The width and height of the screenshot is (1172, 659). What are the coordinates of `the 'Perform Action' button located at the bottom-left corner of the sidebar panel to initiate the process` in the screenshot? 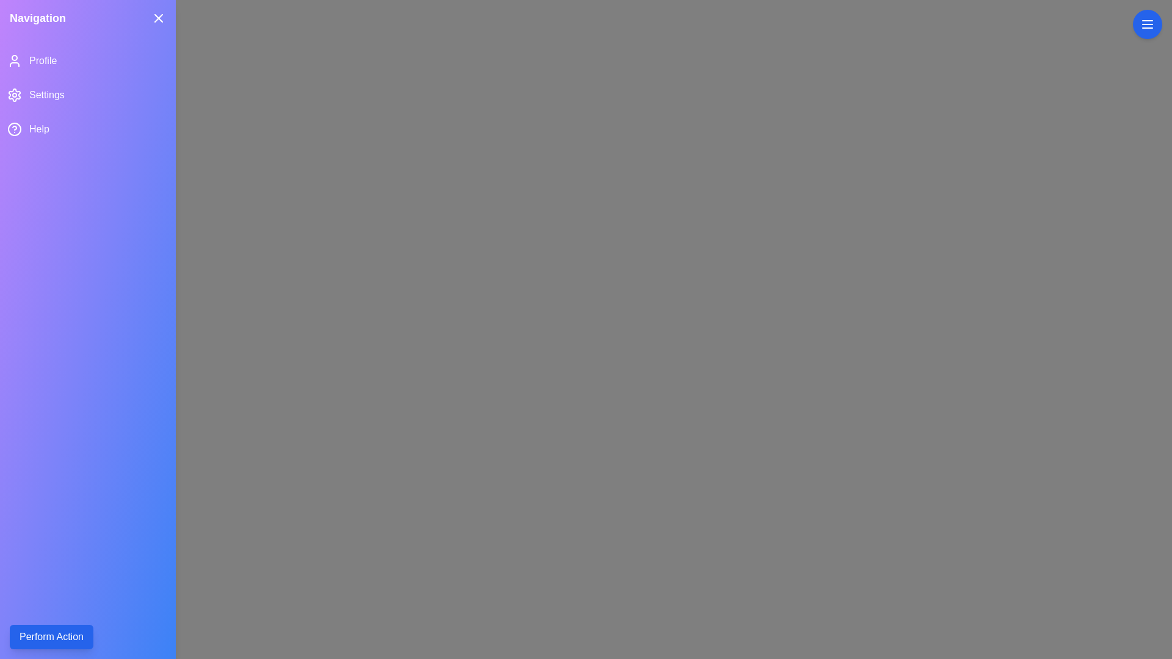 It's located at (51, 636).